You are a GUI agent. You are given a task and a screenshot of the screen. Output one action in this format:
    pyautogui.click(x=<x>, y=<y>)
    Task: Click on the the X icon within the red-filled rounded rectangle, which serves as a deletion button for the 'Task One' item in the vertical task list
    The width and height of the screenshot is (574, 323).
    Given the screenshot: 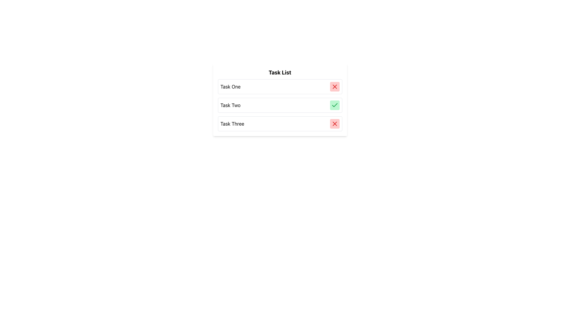 What is the action you would take?
    pyautogui.click(x=334, y=123)
    